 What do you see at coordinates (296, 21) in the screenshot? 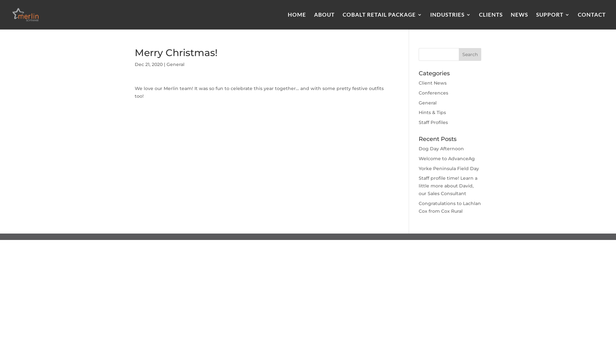
I see `'HOME'` at bounding box center [296, 21].